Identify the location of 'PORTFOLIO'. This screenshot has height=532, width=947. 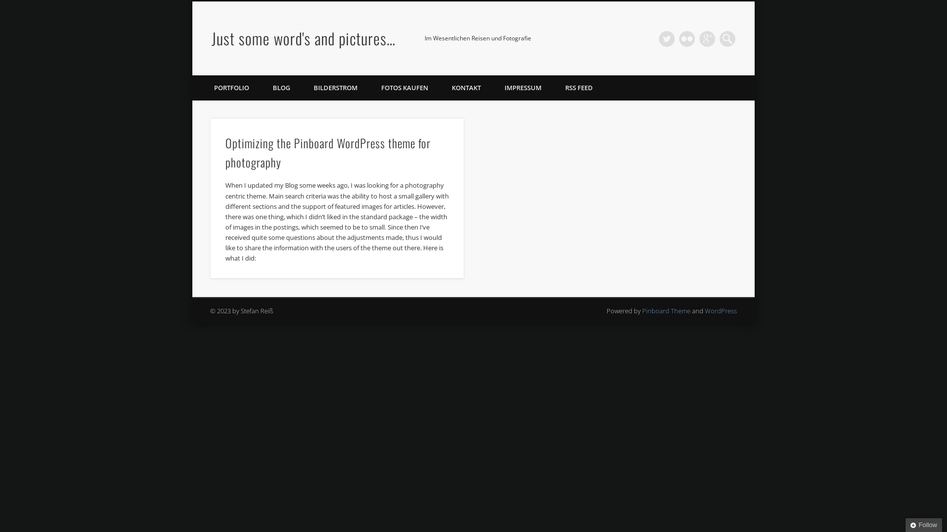
(231, 87).